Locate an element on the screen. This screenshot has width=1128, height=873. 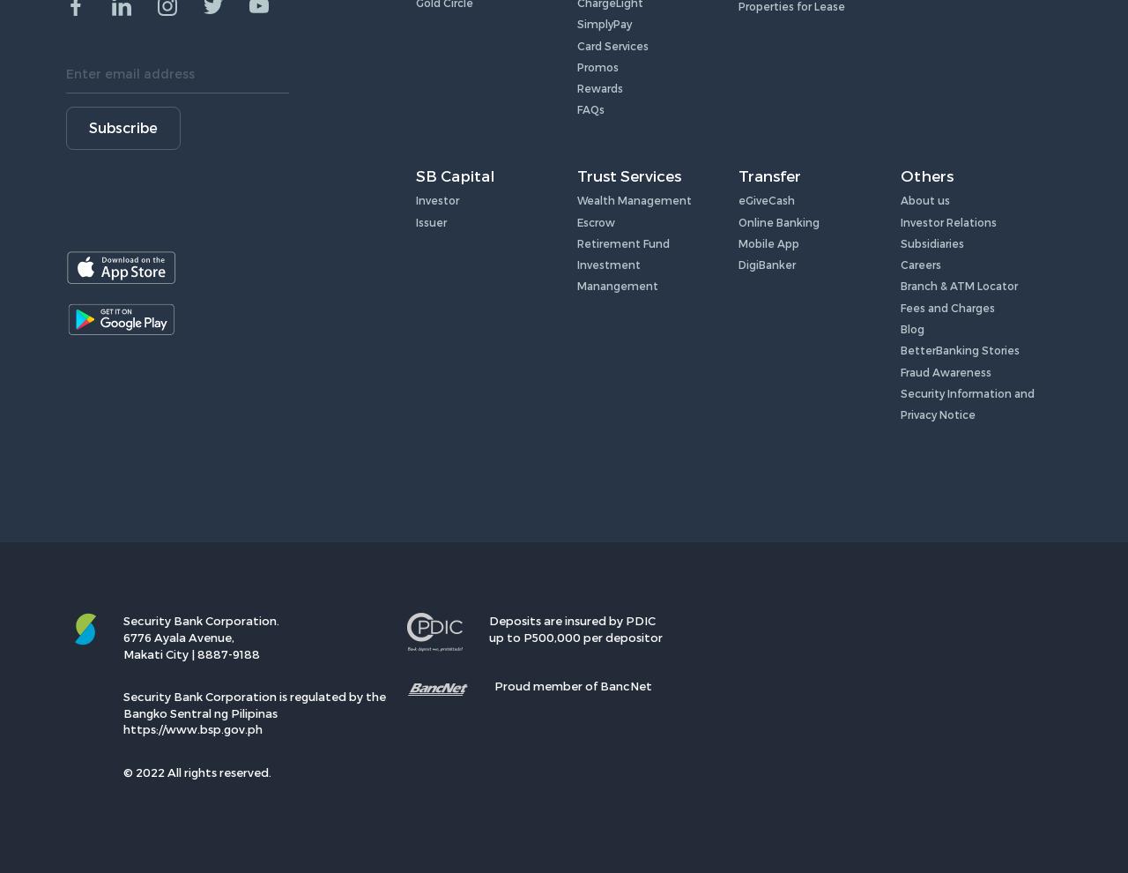
'Transfer' is located at coordinates (769, 175).